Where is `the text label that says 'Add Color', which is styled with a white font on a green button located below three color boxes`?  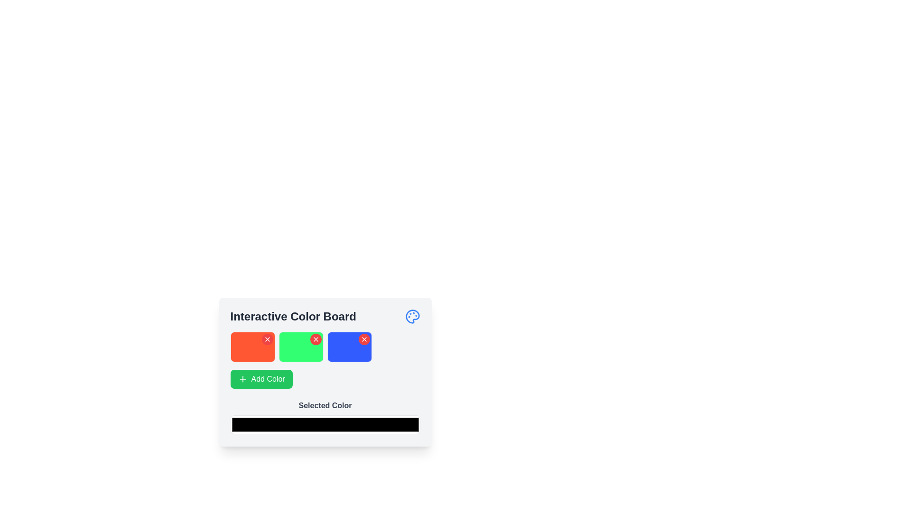
the text label that says 'Add Color', which is styled with a white font on a green button located below three color boxes is located at coordinates (268, 378).